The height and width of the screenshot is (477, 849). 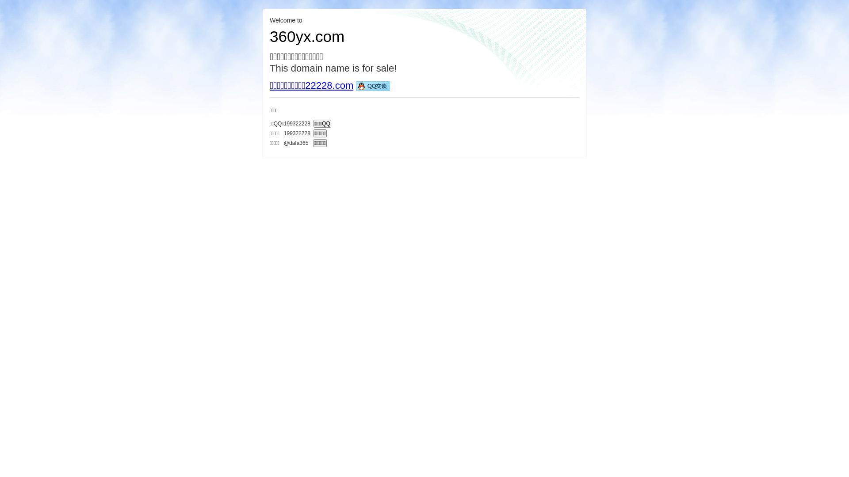 What do you see at coordinates (297, 132) in the screenshot?
I see `'199322228'` at bounding box center [297, 132].